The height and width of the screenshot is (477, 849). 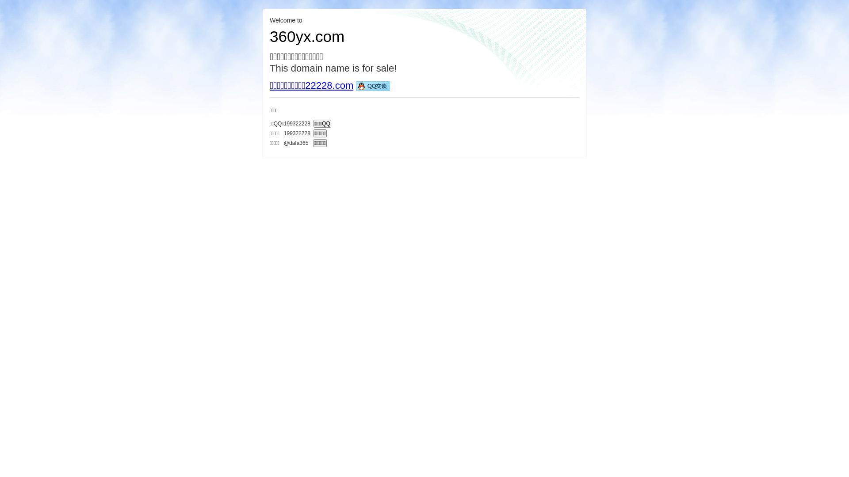 What do you see at coordinates (297, 132) in the screenshot?
I see `'199322228'` at bounding box center [297, 132].